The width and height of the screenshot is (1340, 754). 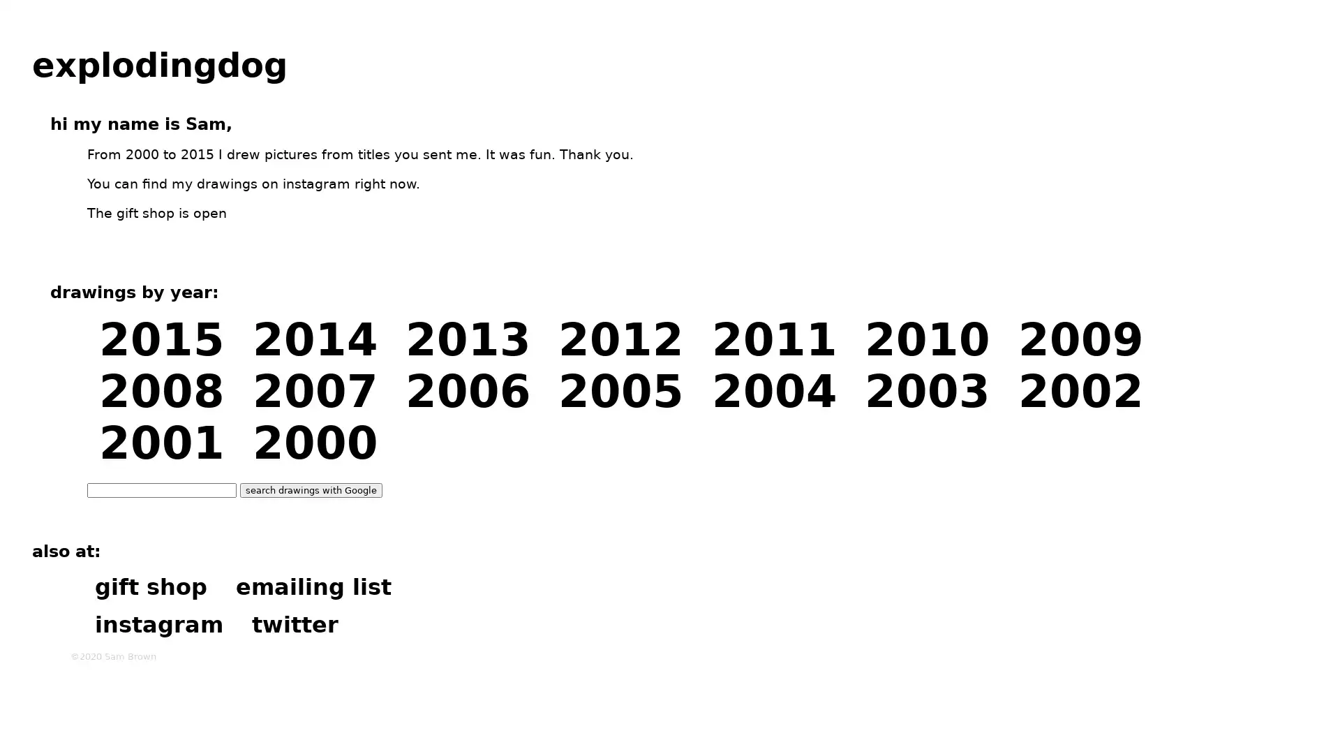 I want to click on search drawings with Google, so click(x=311, y=489).